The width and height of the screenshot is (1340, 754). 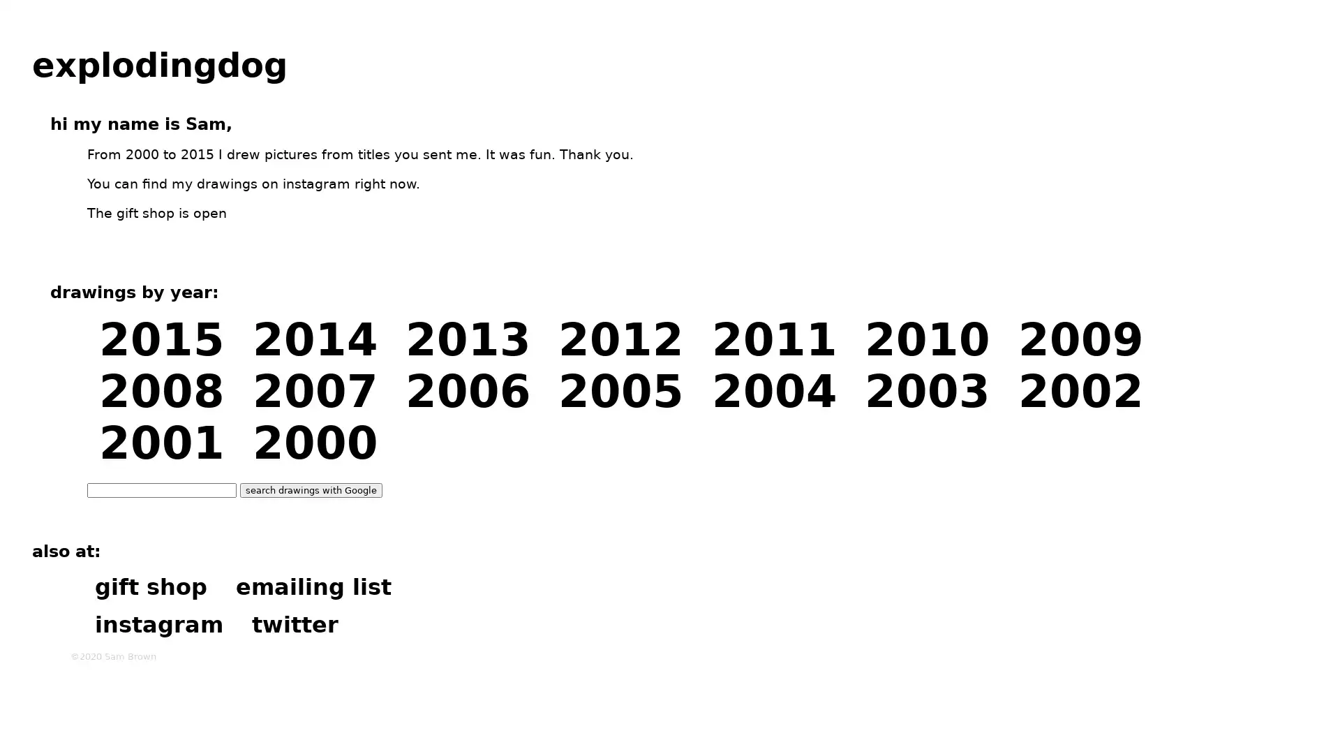 I want to click on search drawings with Google, so click(x=311, y=489).